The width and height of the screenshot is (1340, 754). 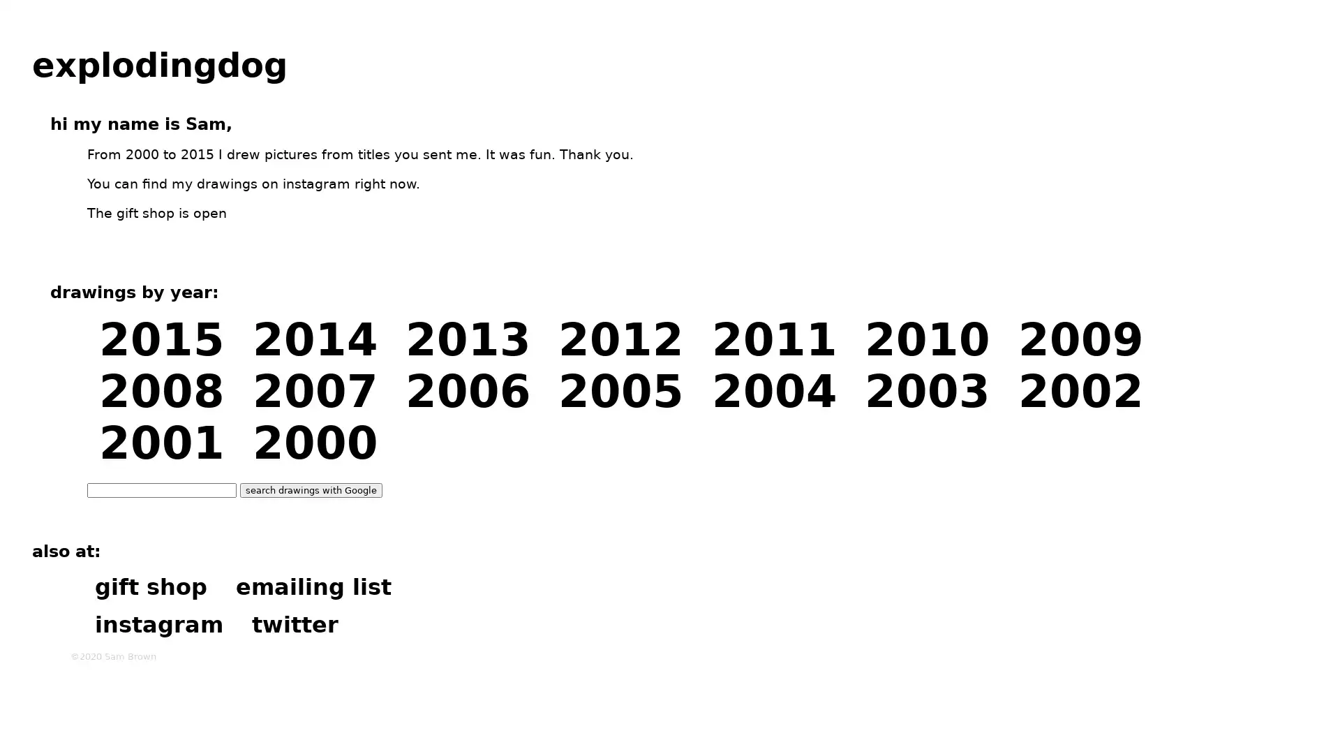 I want to click on search drawings with Google, so click(x=311, y=489).